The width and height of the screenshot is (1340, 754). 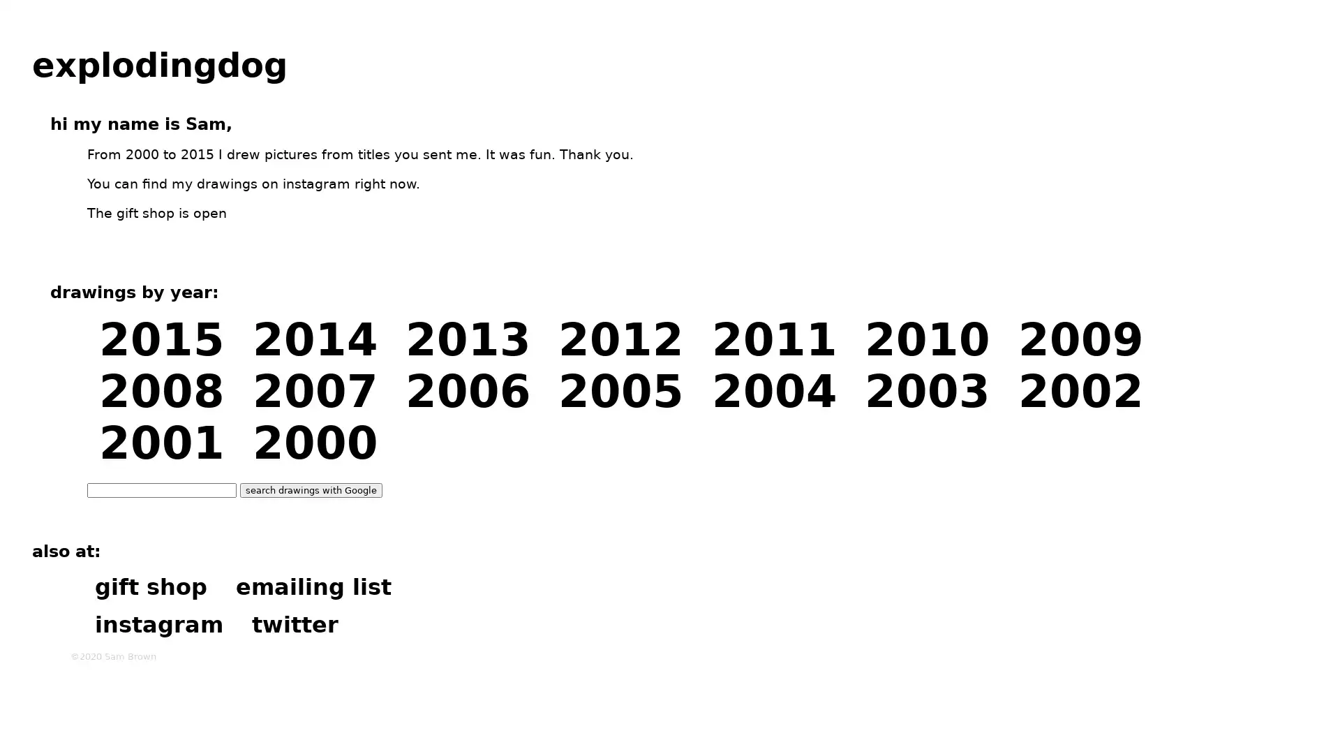 I want to click on search drawings with Google, so click(x=311, y=489).